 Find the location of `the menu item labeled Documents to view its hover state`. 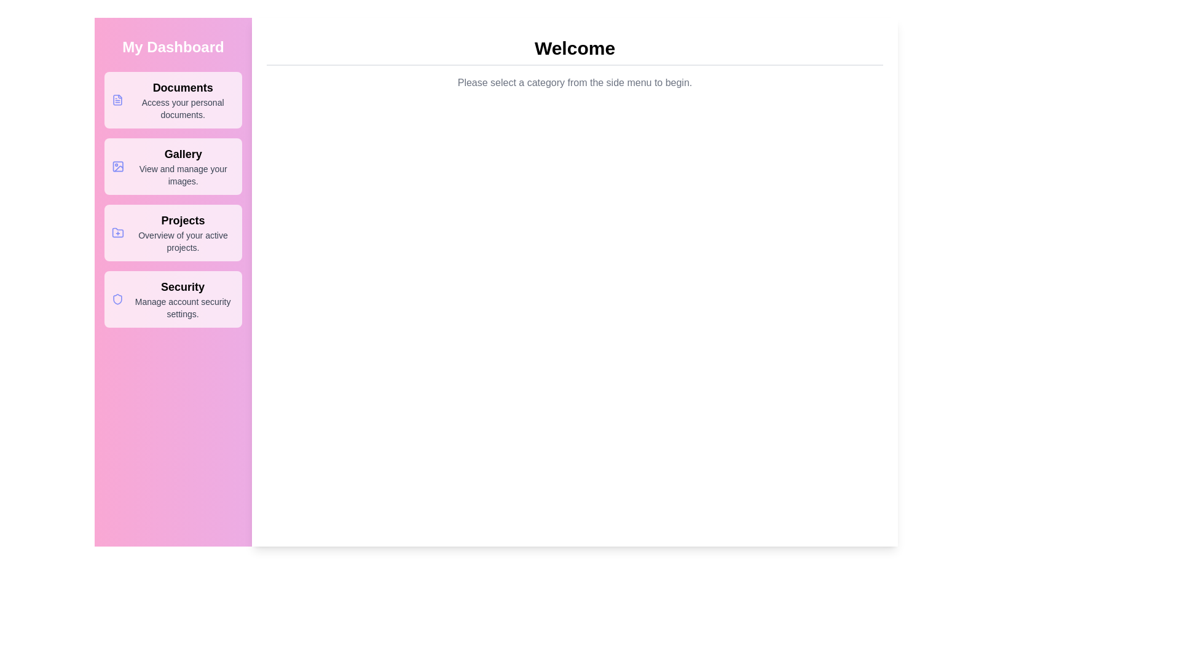

the menu item labeled Documents to view its hover state is located at coordinates (173, 99).